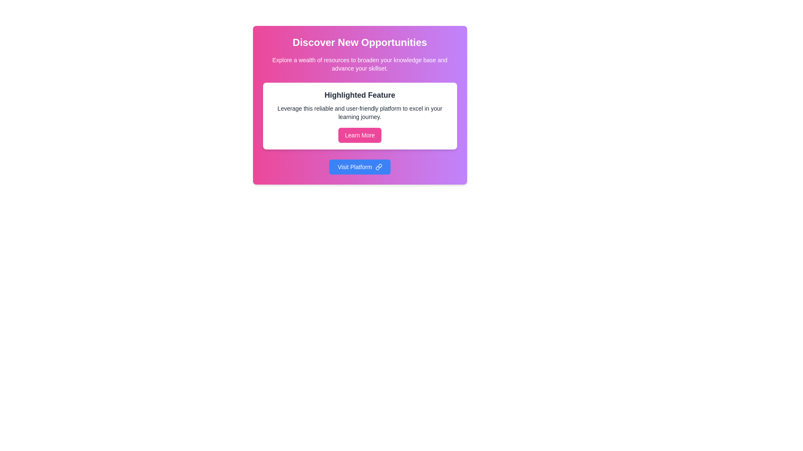  Describe the element at coordinates (377, 168) in the screenshot. I see `the decorative part of the link icon that is the second part of two overlapping chain link shapes, located to the right of the text 'Visit Platform'` at that location.